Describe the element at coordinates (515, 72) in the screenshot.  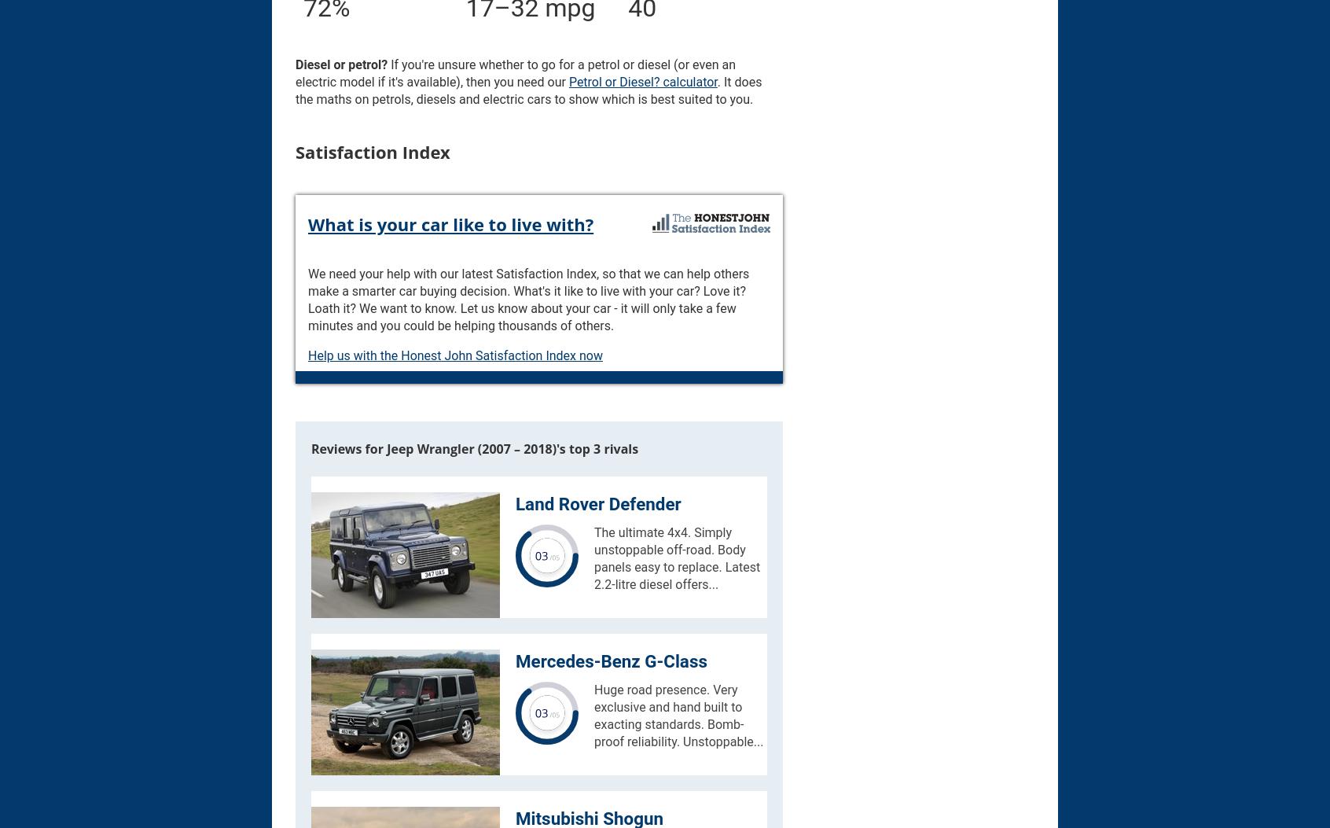
I see `'If you're unsure whether to go for a petrol or diesel (or even an electric model if it's available), then you need our'` at that location.